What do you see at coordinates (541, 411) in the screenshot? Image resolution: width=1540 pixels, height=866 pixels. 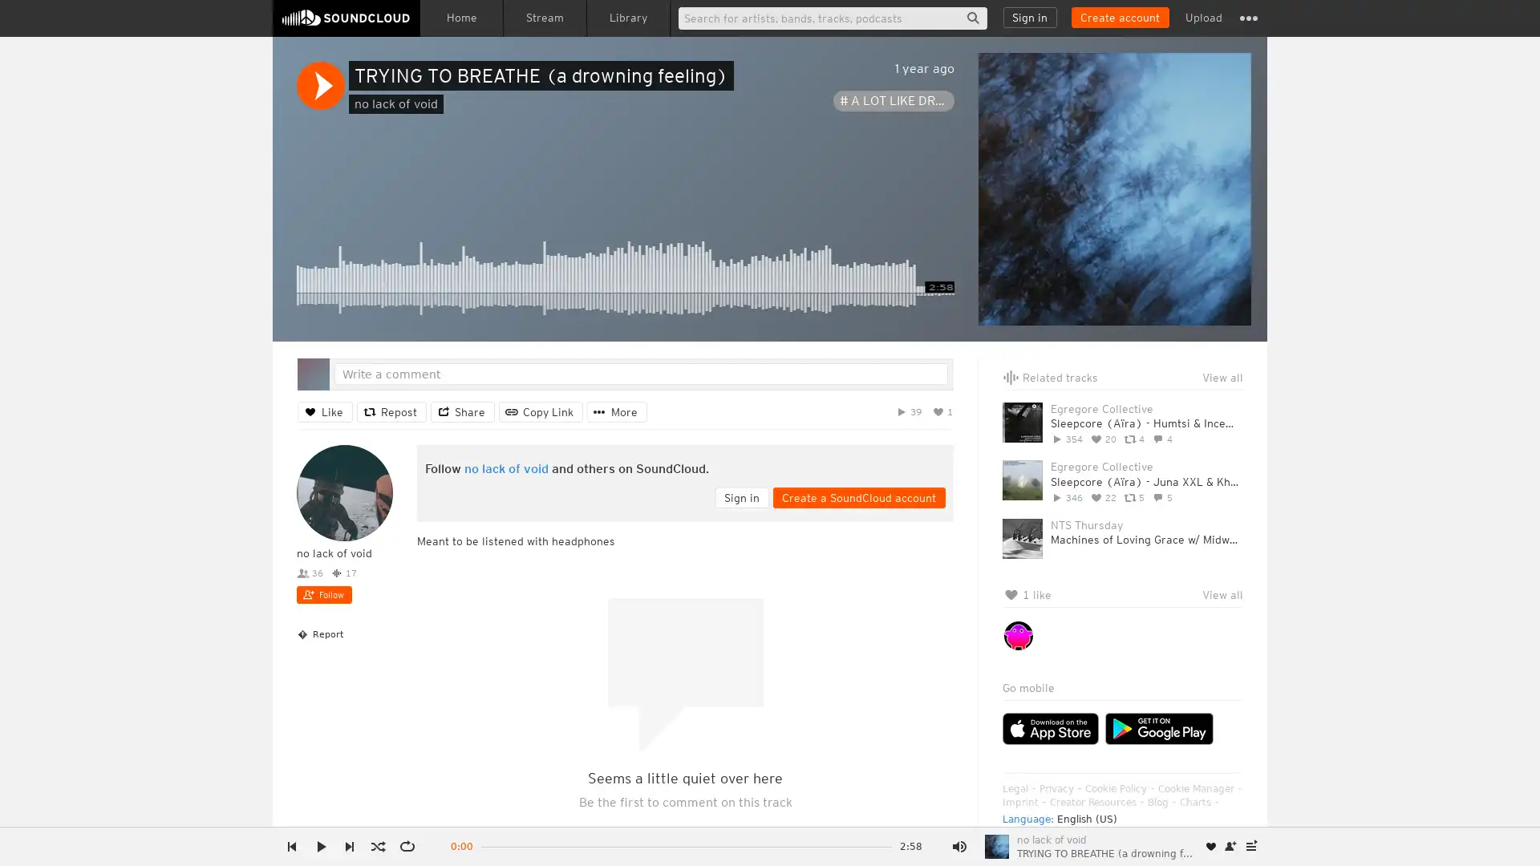 I see `Copy Link` at bounding box center [541, 411].